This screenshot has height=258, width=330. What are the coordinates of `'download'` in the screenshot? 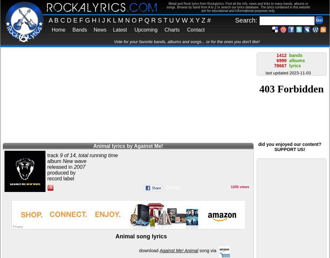 It's located at (149, 250).